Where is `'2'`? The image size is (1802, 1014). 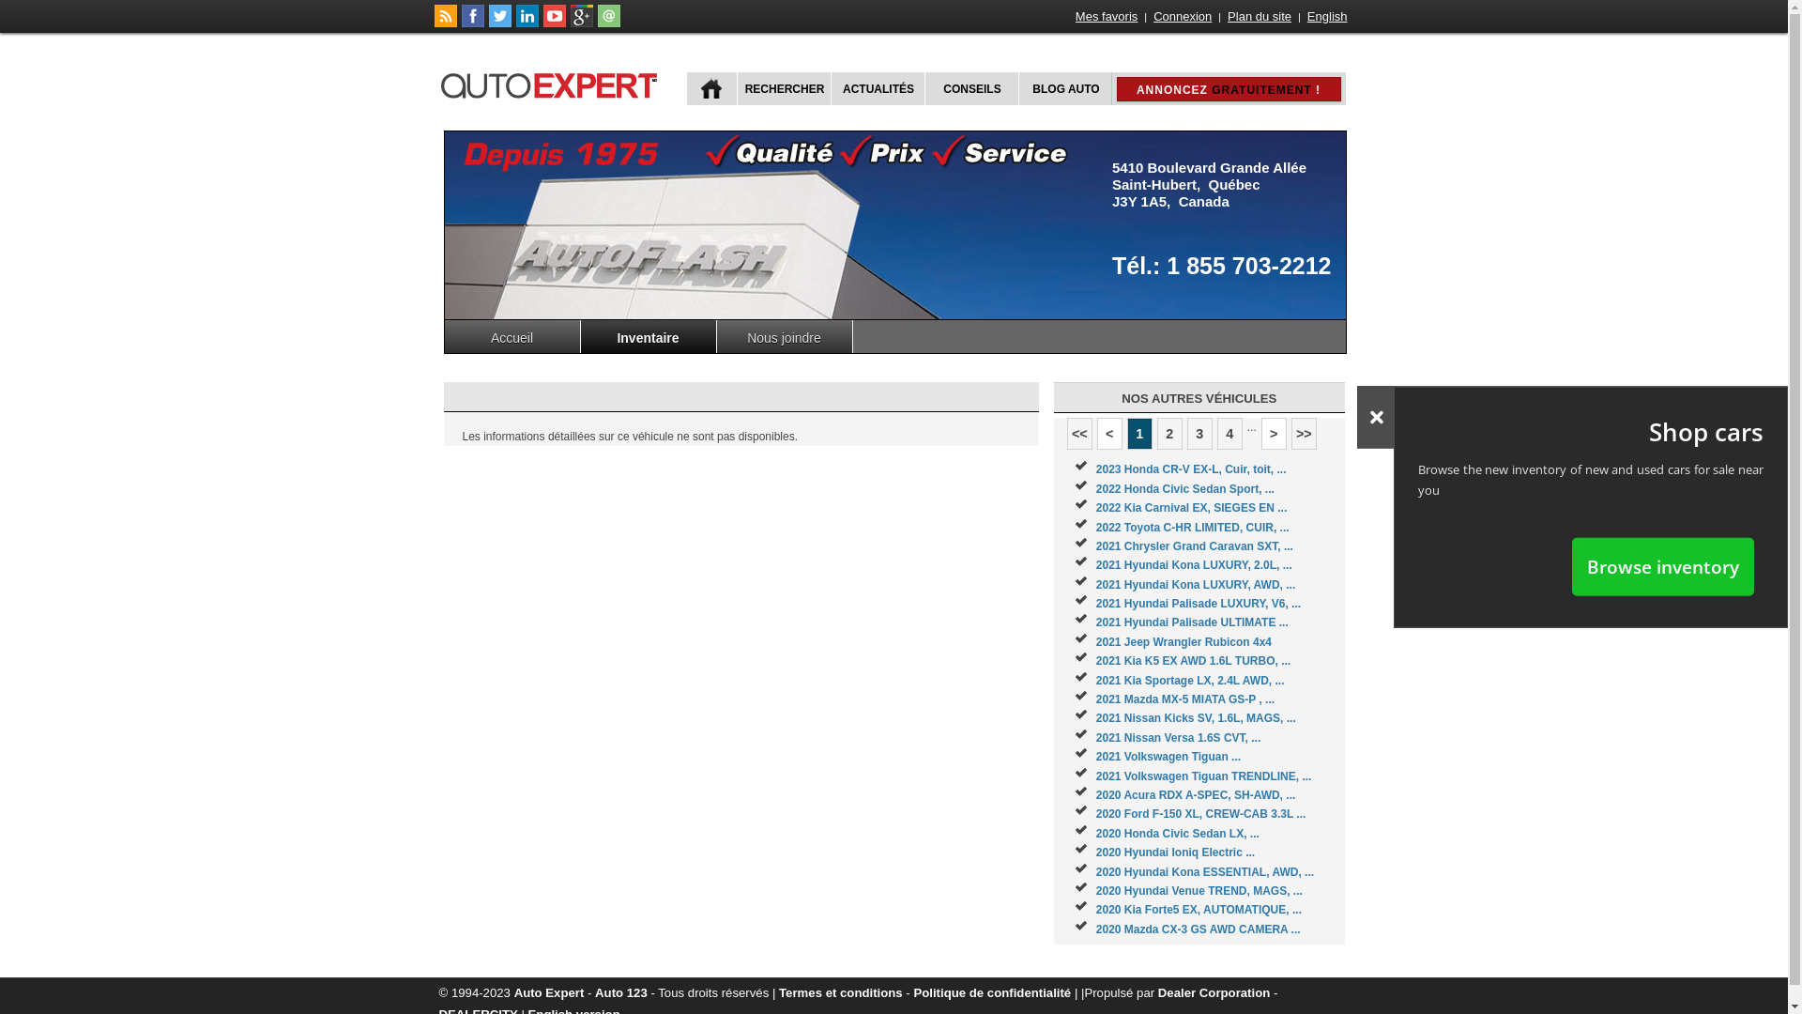
'2' is located at coordinates (1168, 434).